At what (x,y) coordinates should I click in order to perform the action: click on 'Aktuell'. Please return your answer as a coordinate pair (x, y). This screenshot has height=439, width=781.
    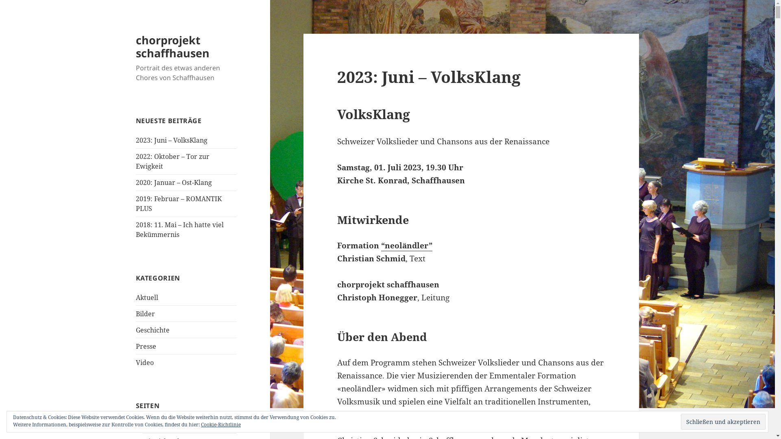
    Looking at the image, I should click on (136, 298).